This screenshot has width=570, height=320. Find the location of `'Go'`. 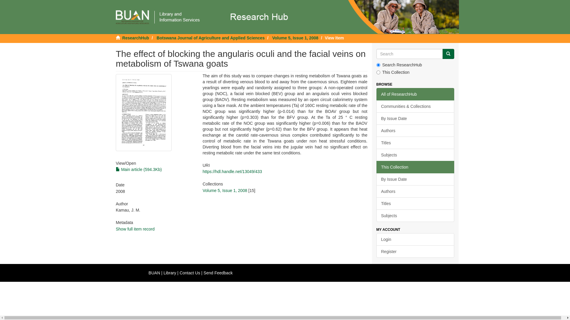

'Go' is located at coordinates (448, 54).